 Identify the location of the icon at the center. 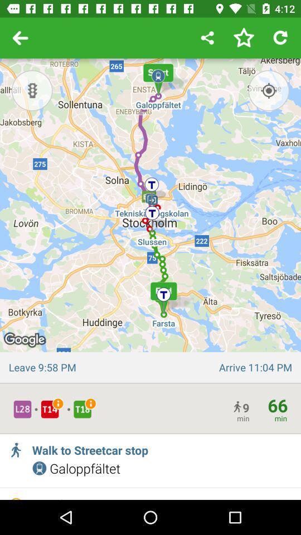
(151, 220).